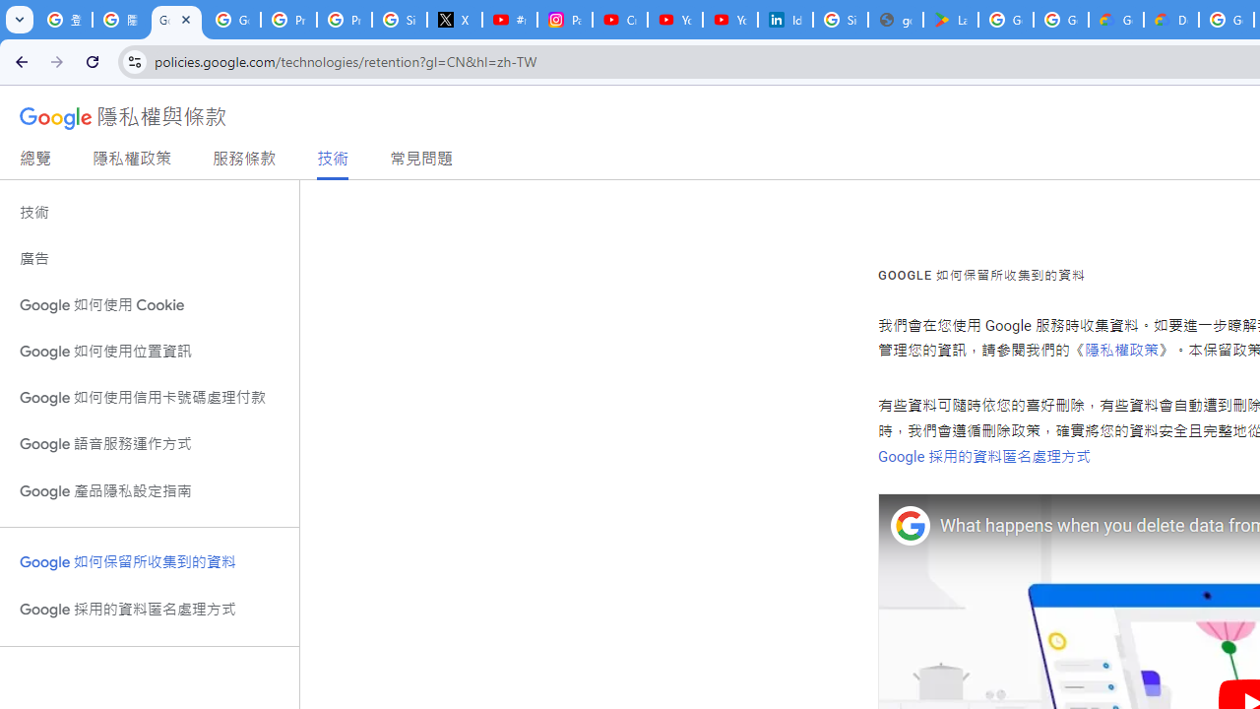 This screenshot has height=709, width=1260. I want to click on 'Google Workspace - Specific Terms', so click(1059, 20).